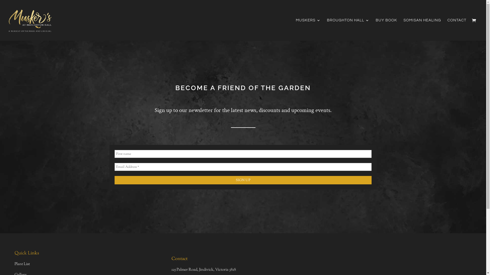 Image resolution: width=490 pixels, height=275 pixels. I want to click on 'BROUGHTON HALL', so click(348, 30).